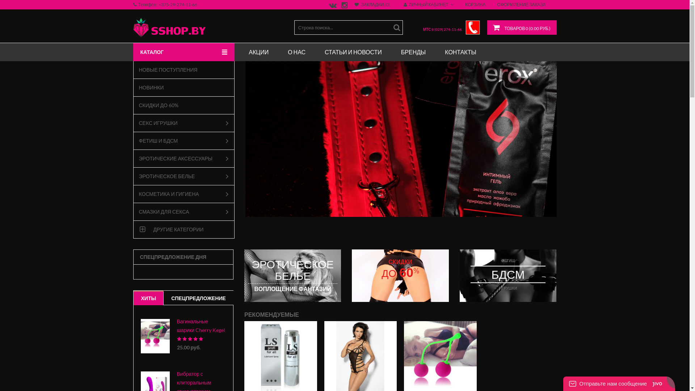  I want to click on 'vk', so click(331, 6).